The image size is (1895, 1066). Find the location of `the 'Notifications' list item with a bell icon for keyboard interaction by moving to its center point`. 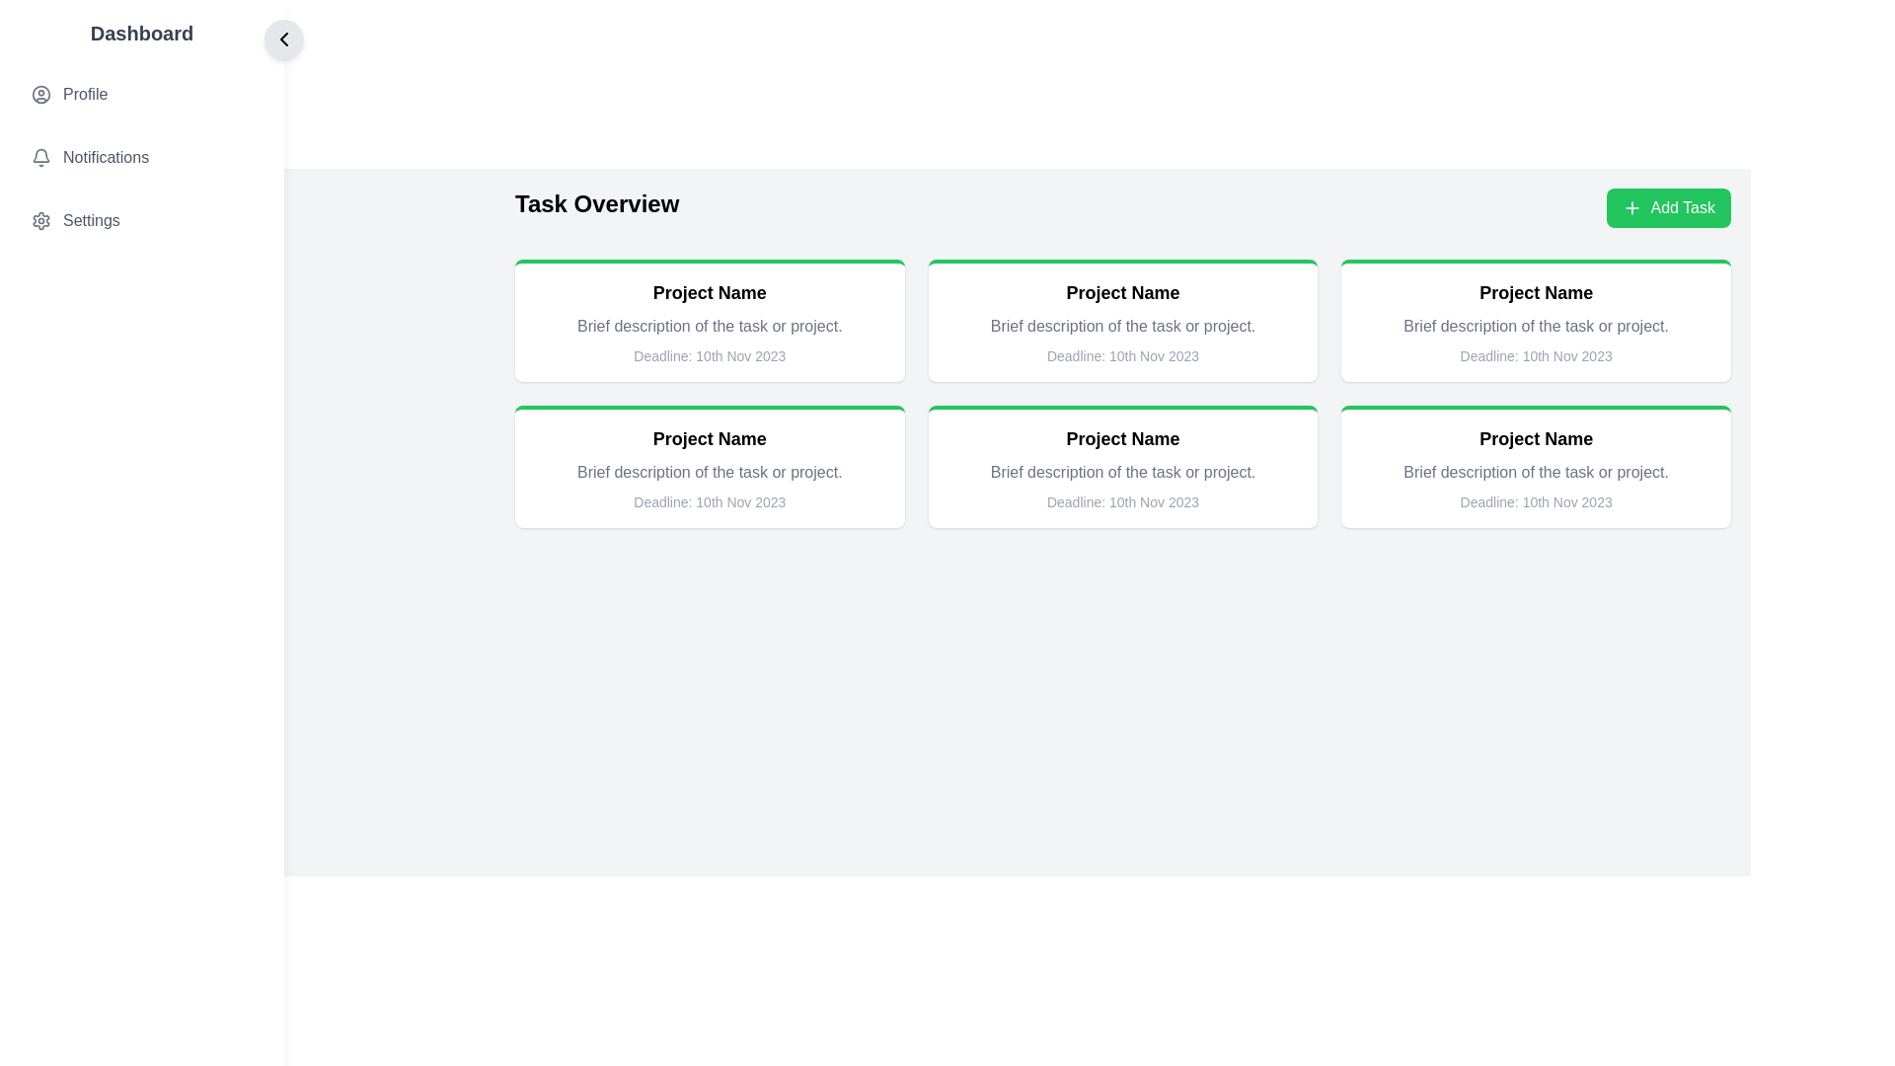

the 'Notifications' list item with a bell icon for keyboard interaction by moving to its center point is located at coordinates (141, 156).